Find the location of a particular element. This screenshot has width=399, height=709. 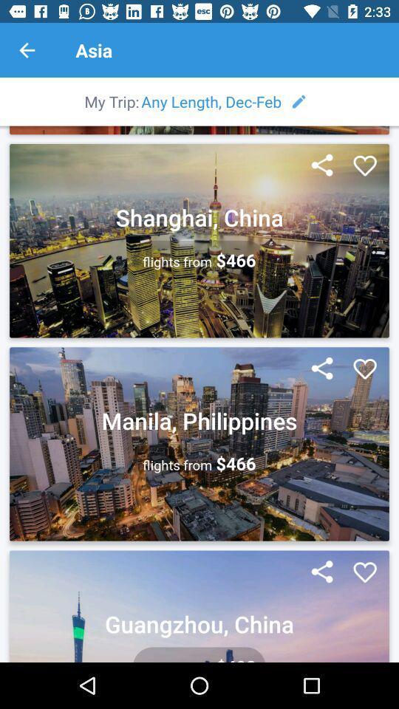

favorite is located at coordinates (364, 166).